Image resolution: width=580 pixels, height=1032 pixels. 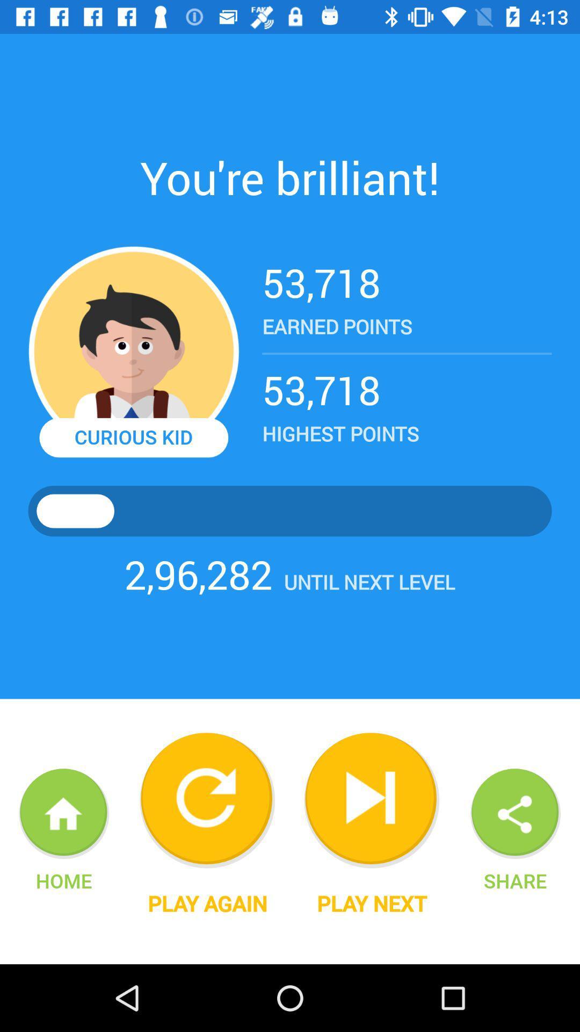 What do you see at coordinates (371, 800) in the screenshot?
I see `next level` at bounding box center [371, 800].